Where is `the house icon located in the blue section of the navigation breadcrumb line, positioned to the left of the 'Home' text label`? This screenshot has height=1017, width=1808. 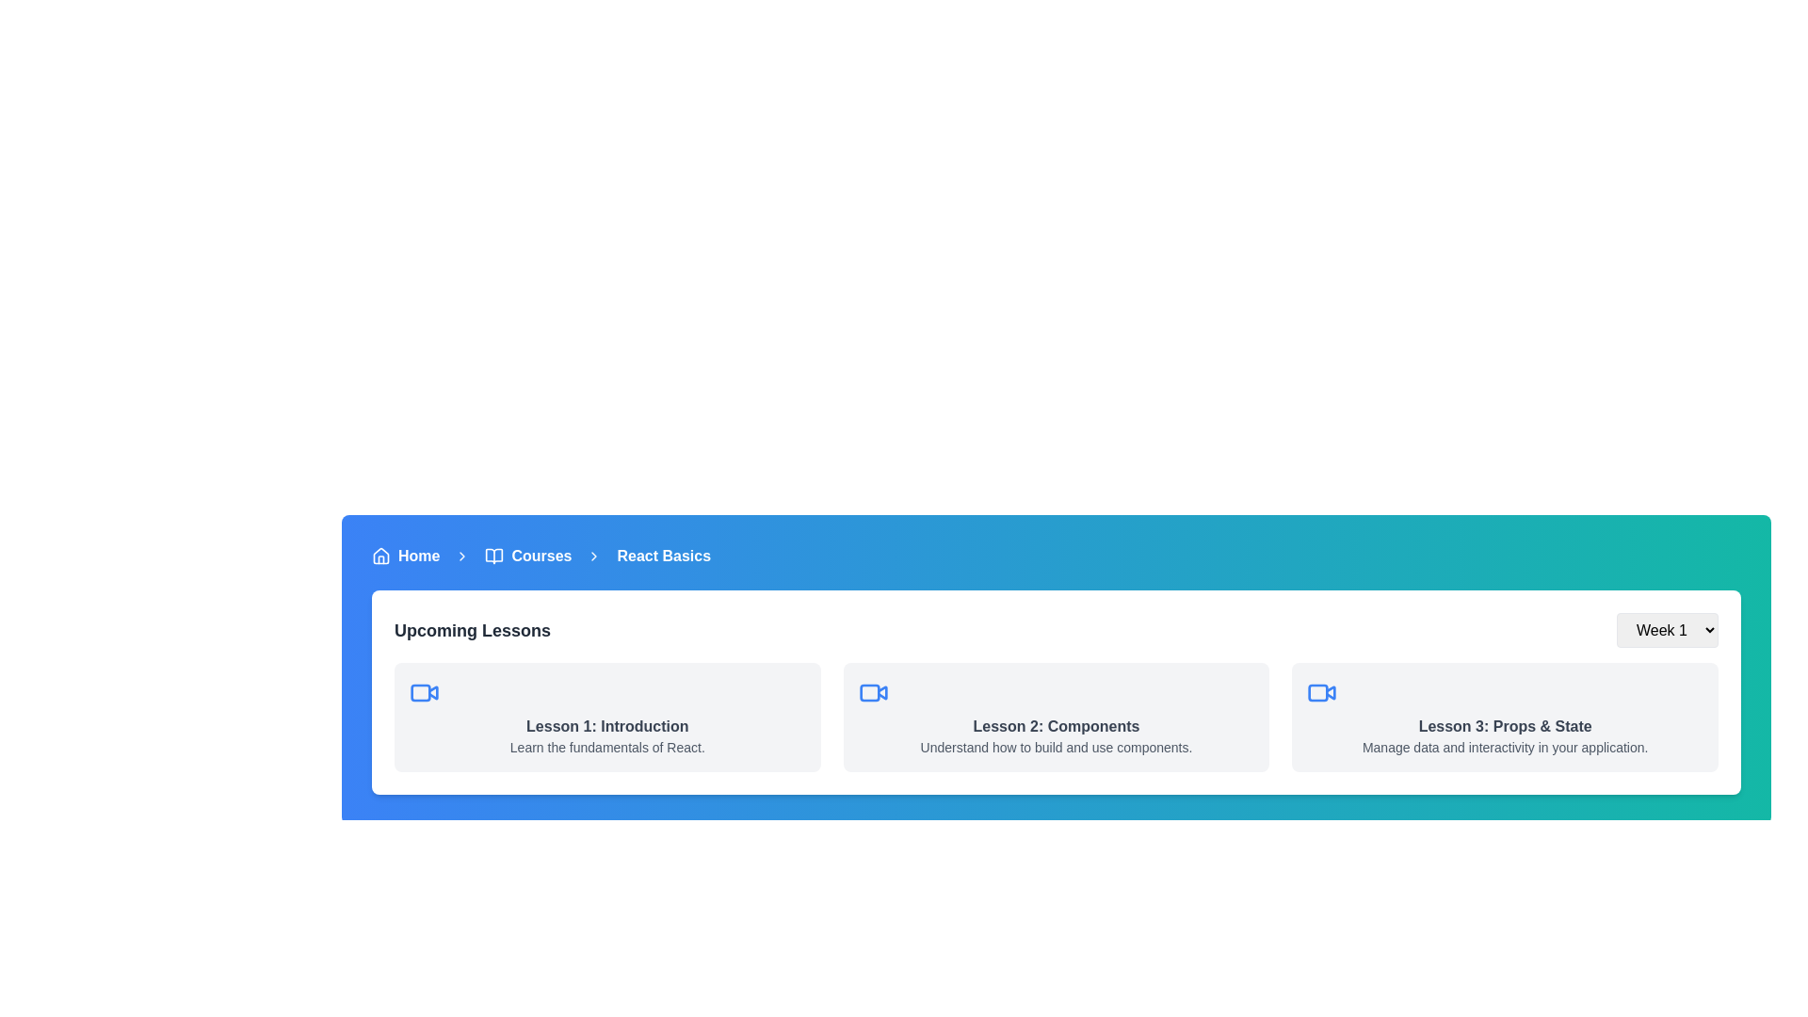 the house icon located in the blue section of the navigation breadcrumb line, positioned to the left of the 'Home' text label is located at coordinates (379, 555).